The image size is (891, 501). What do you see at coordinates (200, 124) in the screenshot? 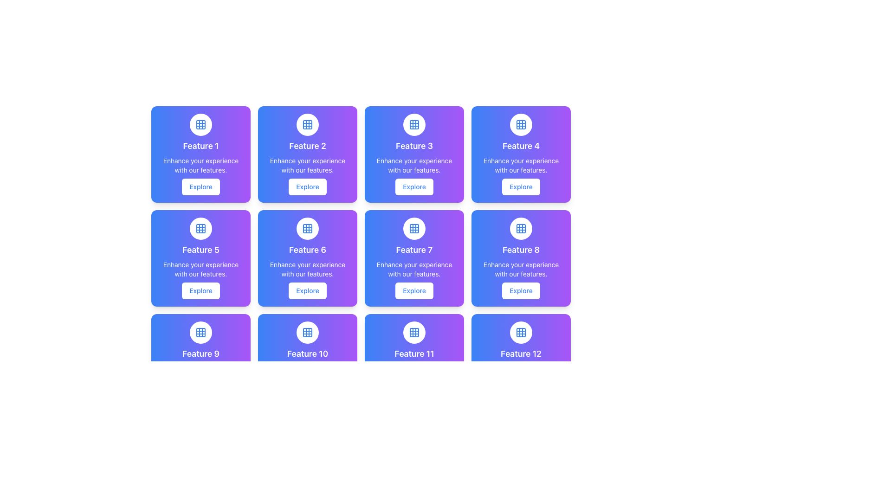
I see `the Icon Button located at the top-center area of the 'Feature 1' card` at bounding box center [200, 124].